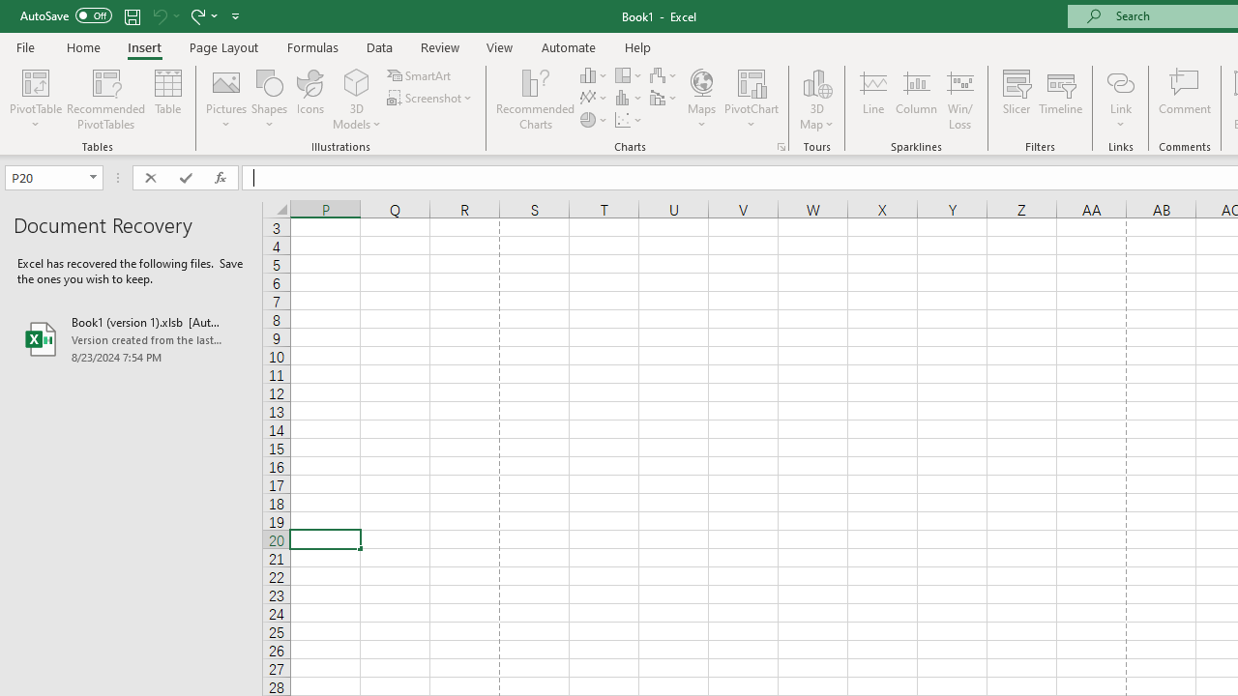 This screenshot has width=1238, height=696. Describe the element at coordinates (357, 100) in the screenshot. I see `'3D Models'` at that location.